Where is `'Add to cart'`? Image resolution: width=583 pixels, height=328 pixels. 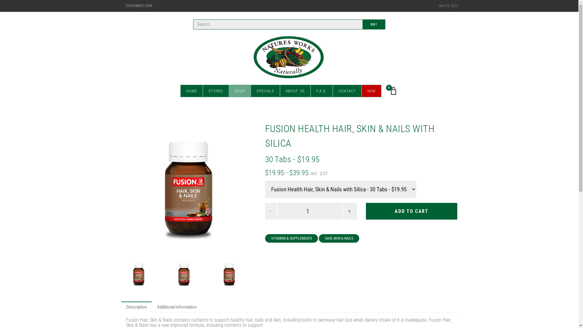
'Add to cart' is located at coordinates (412, 211).